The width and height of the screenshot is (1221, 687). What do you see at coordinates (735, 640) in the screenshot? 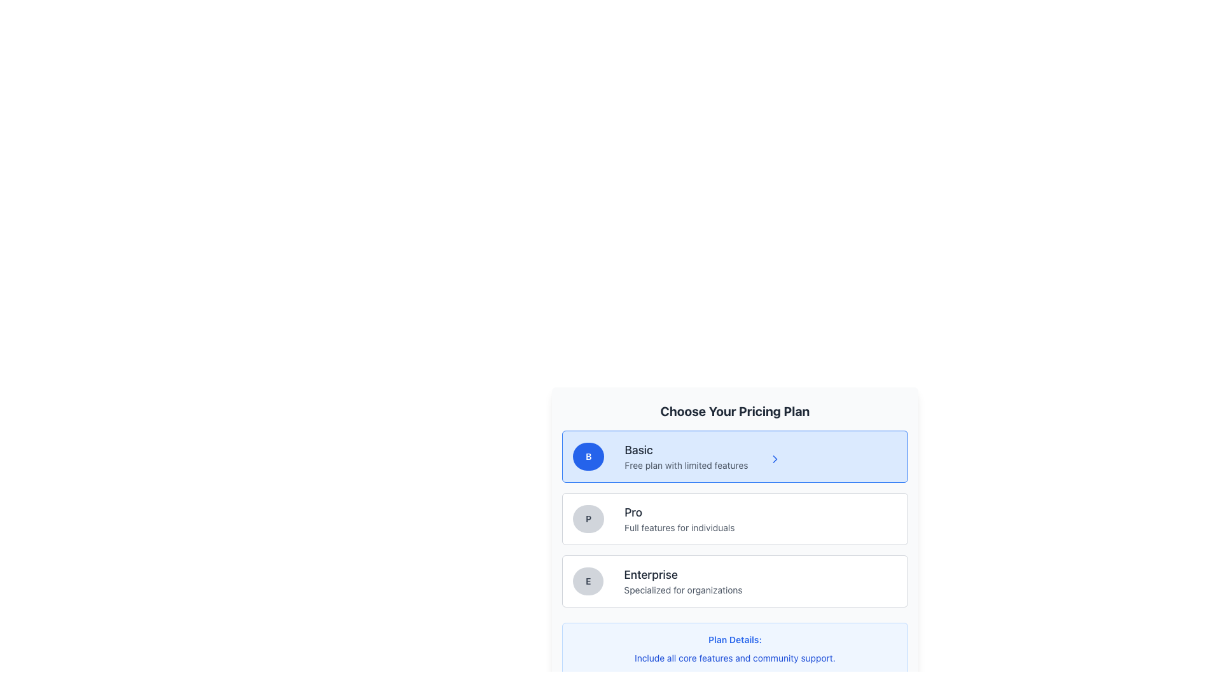
I see `the text label displaying 'Plan Details:' which is in a small, bold, blue font at the top of the plan details section` at bounding box center [735, 640].